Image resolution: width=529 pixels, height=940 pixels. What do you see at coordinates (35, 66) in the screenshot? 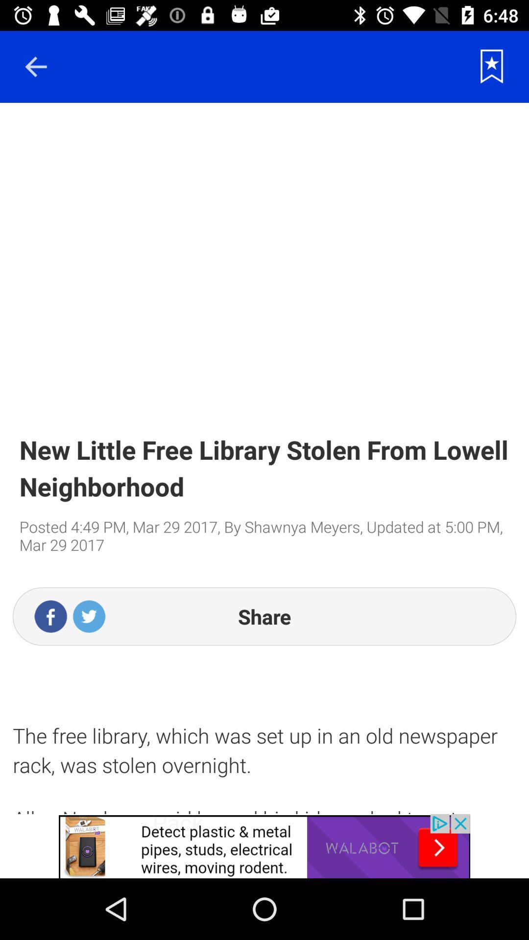
I see `the arrow_backward icon` at bounding box center [35, 66].